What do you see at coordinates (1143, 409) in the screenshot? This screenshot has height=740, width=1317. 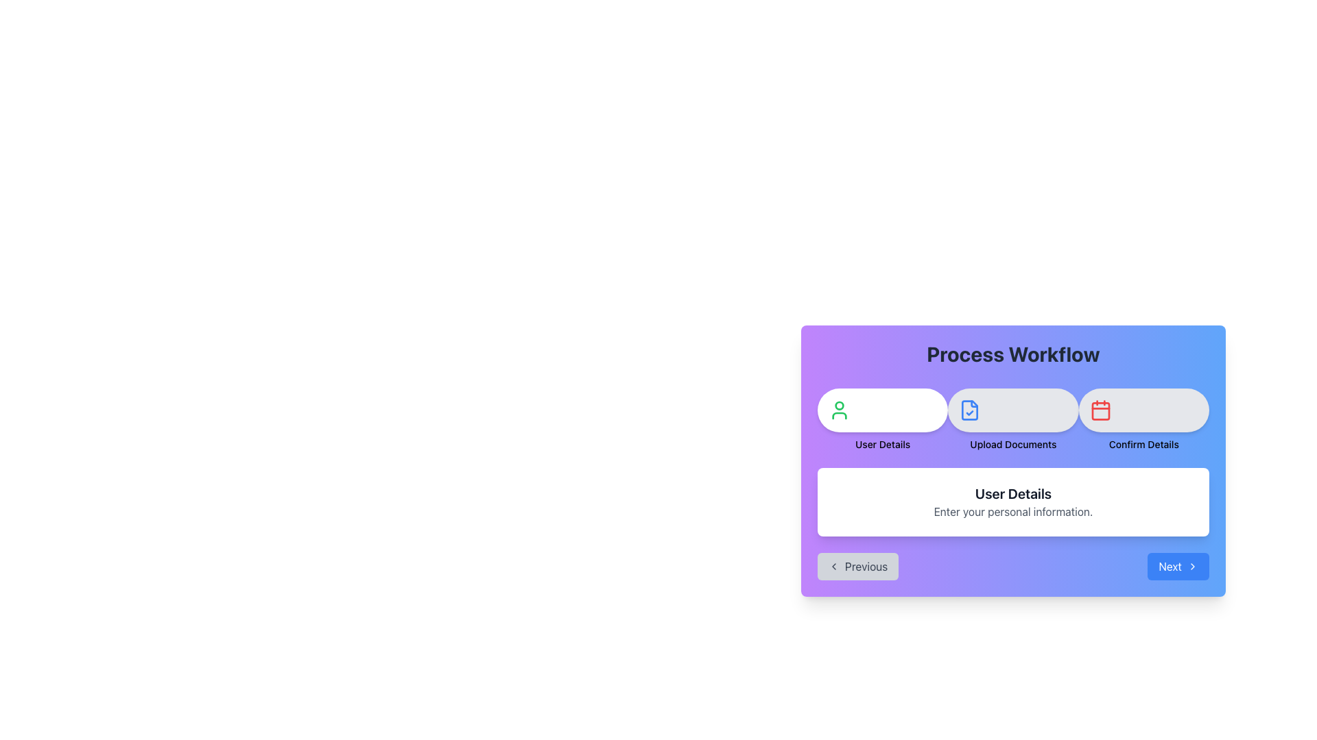 I see `the 'Confirm Details' button located in the top right corner of the button layout` at bounding box center [1143, 409].